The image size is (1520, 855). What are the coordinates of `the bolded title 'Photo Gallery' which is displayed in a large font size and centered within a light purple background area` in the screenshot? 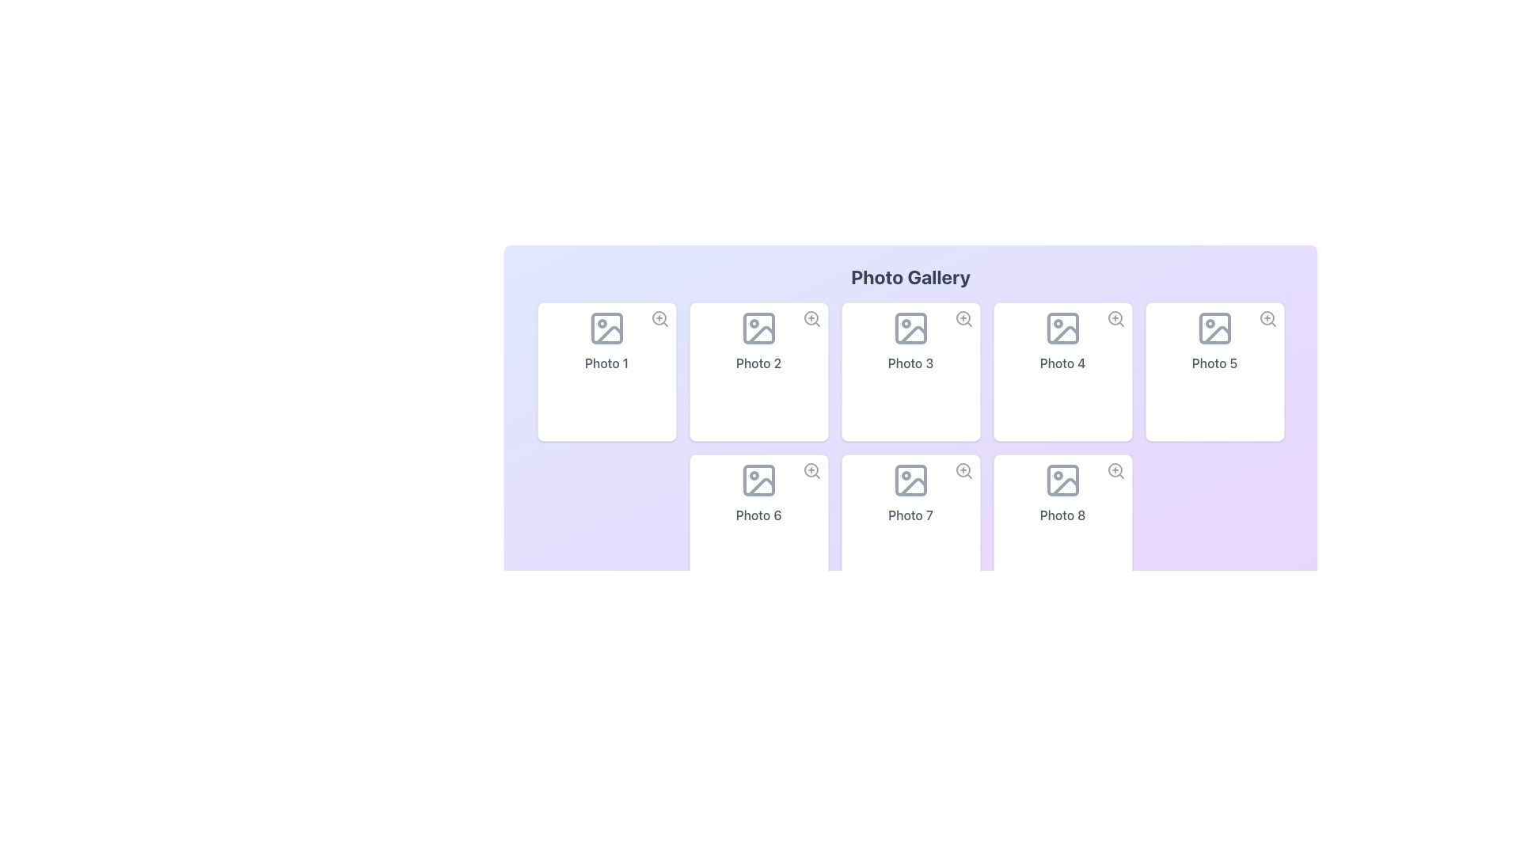 It's located at (910, 276).